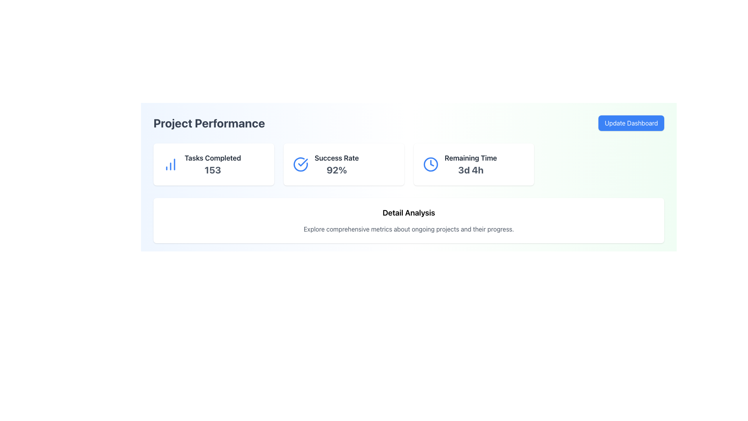 The width and height of the screenshot is (748, 421). Describe the element at coordinates (213, 169) in the screenshot. I see `bold numerical text '153' which is located below the 'Tasks Completed' text in the first summary card` at that location.